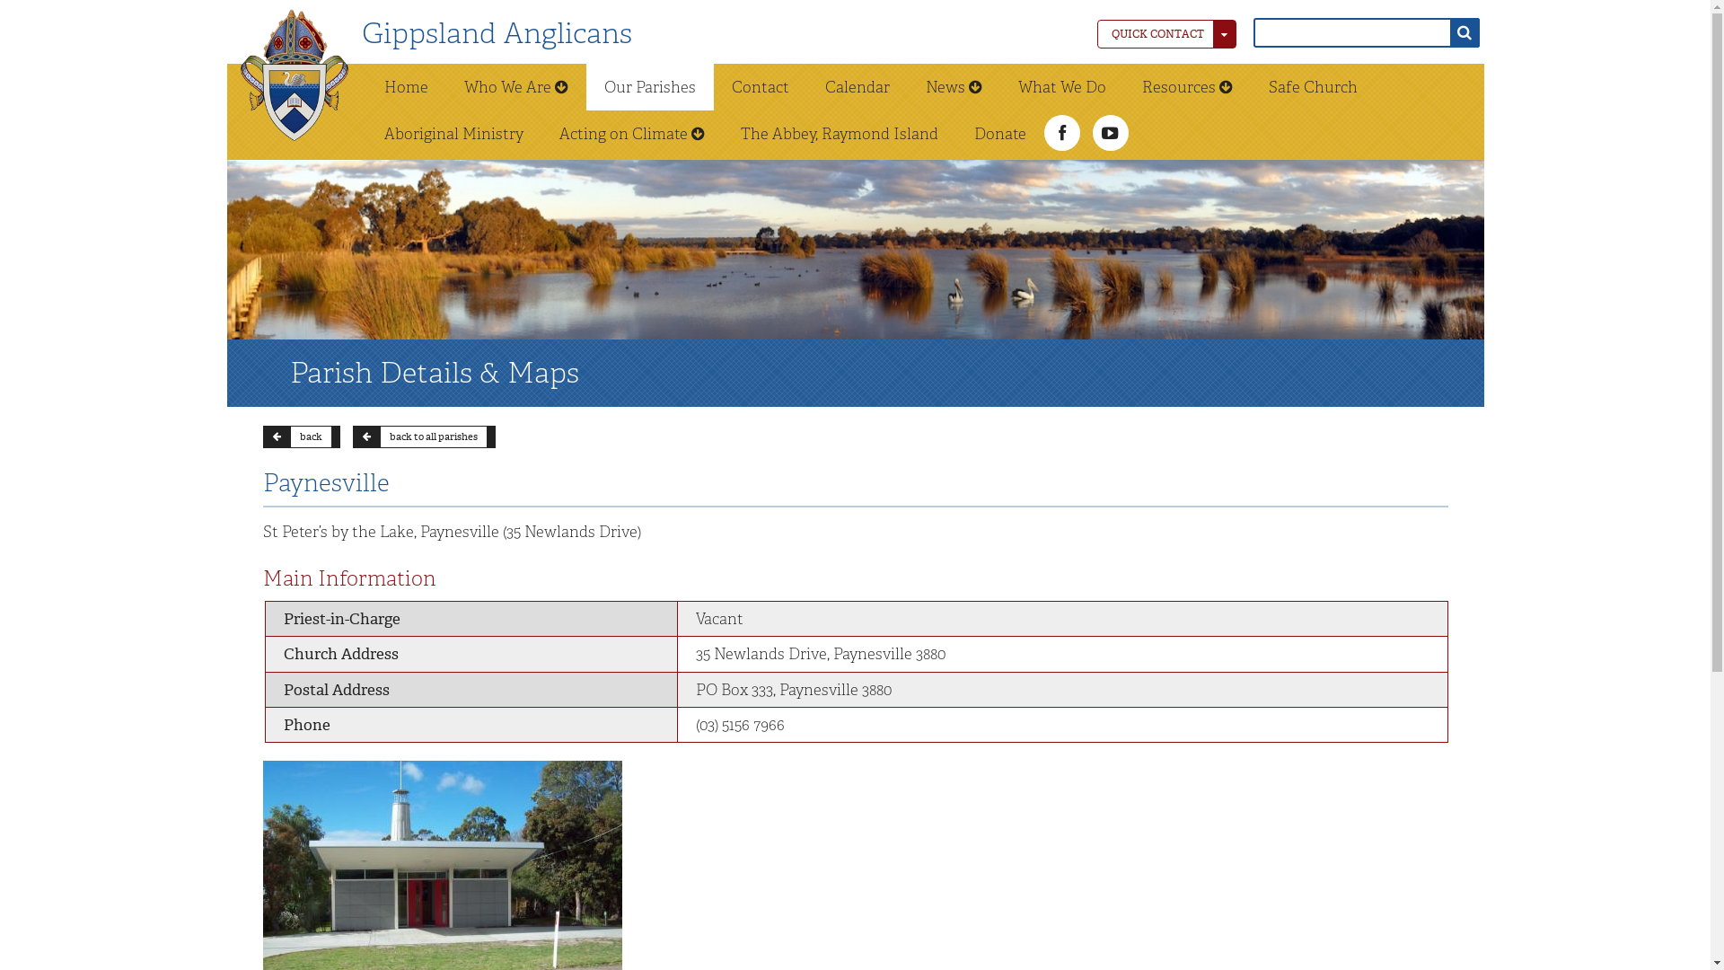 Image resolution: width=1724 pixels, height=970 pixels. Describe the element at coordinates (630, 133) in the screenshot. I see `'Acting on Climate'` at that location.